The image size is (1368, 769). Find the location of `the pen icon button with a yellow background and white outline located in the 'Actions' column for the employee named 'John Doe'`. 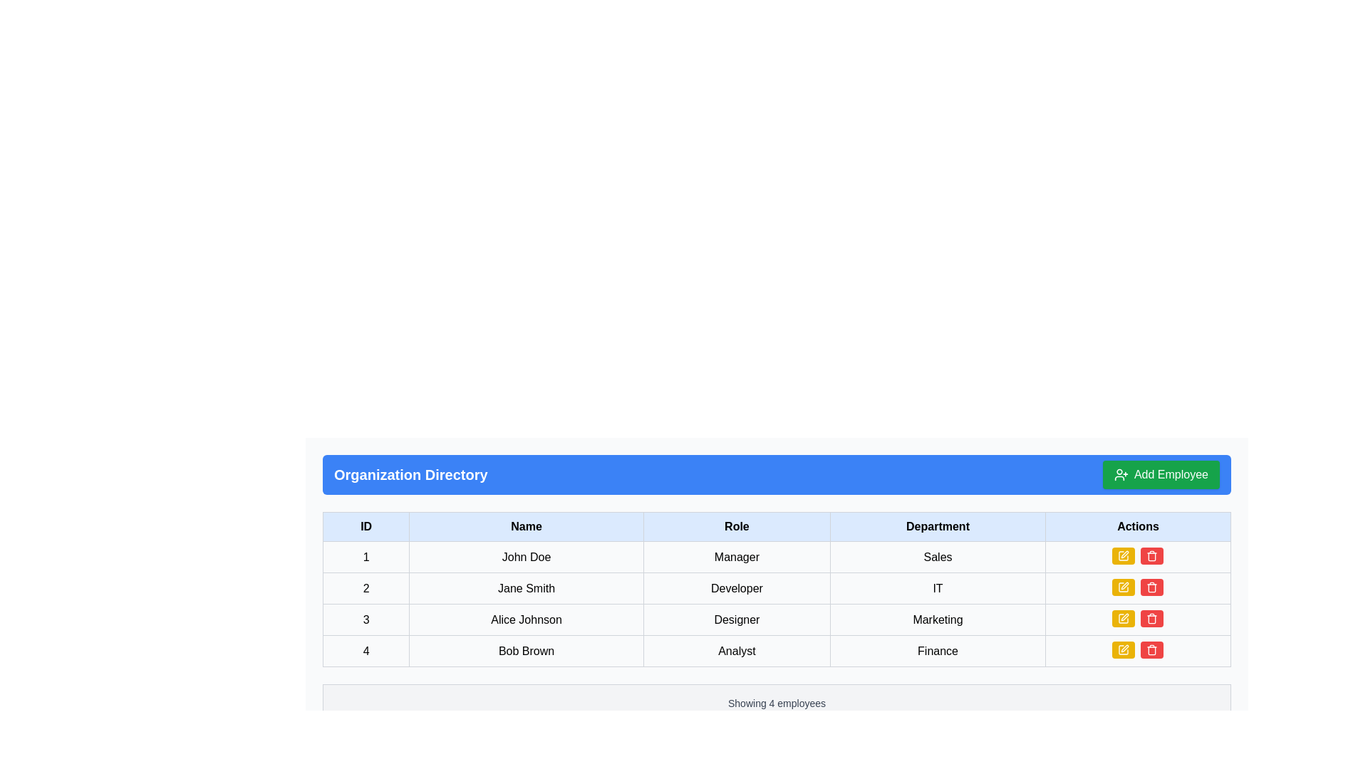

the pen icon button with a yellow background and white outline located in the 'Actions' column for the employee named 'John Doe' is located at coordinates (1123, 555).